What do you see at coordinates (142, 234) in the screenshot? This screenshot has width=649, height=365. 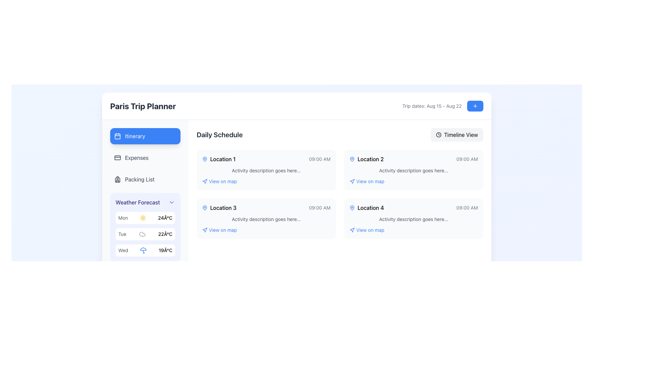 I see `the weather condition icon representing 'cloudy' for the forecast on 'Tue 22°C', which is the second icon in the 'Weather Forecast' section` at bounding box center [142, 234].